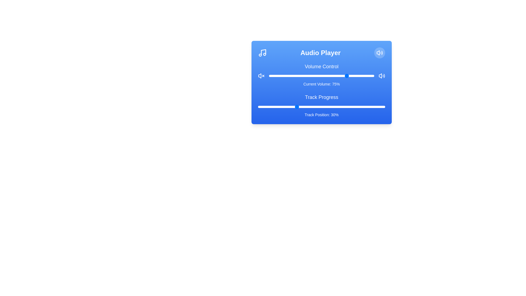 This screenshot has height=296, width=526. Describe the element at coordinates (376, 107) in the screenshot. I see `the track position` at that location.